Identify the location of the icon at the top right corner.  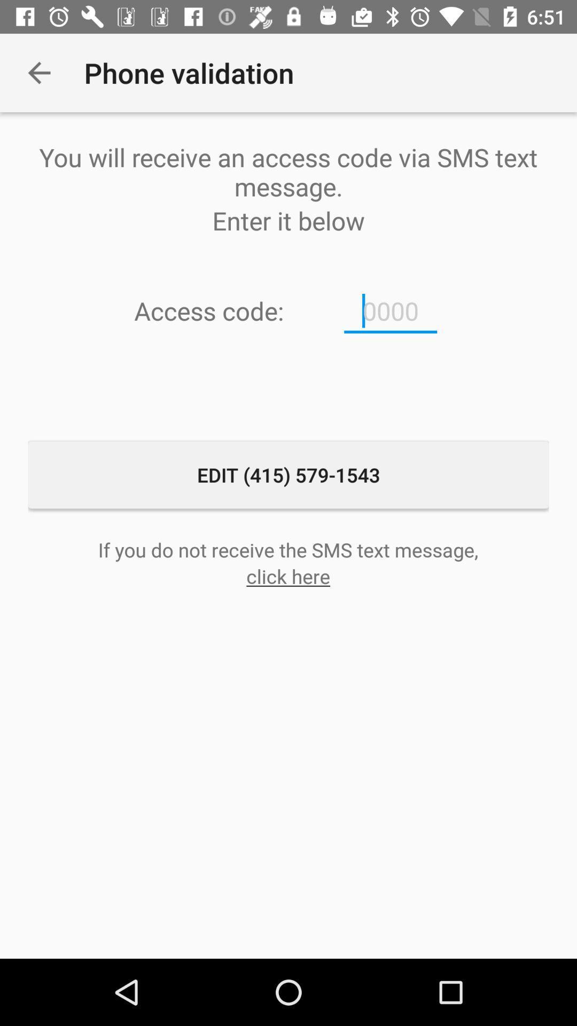
(391, 310).